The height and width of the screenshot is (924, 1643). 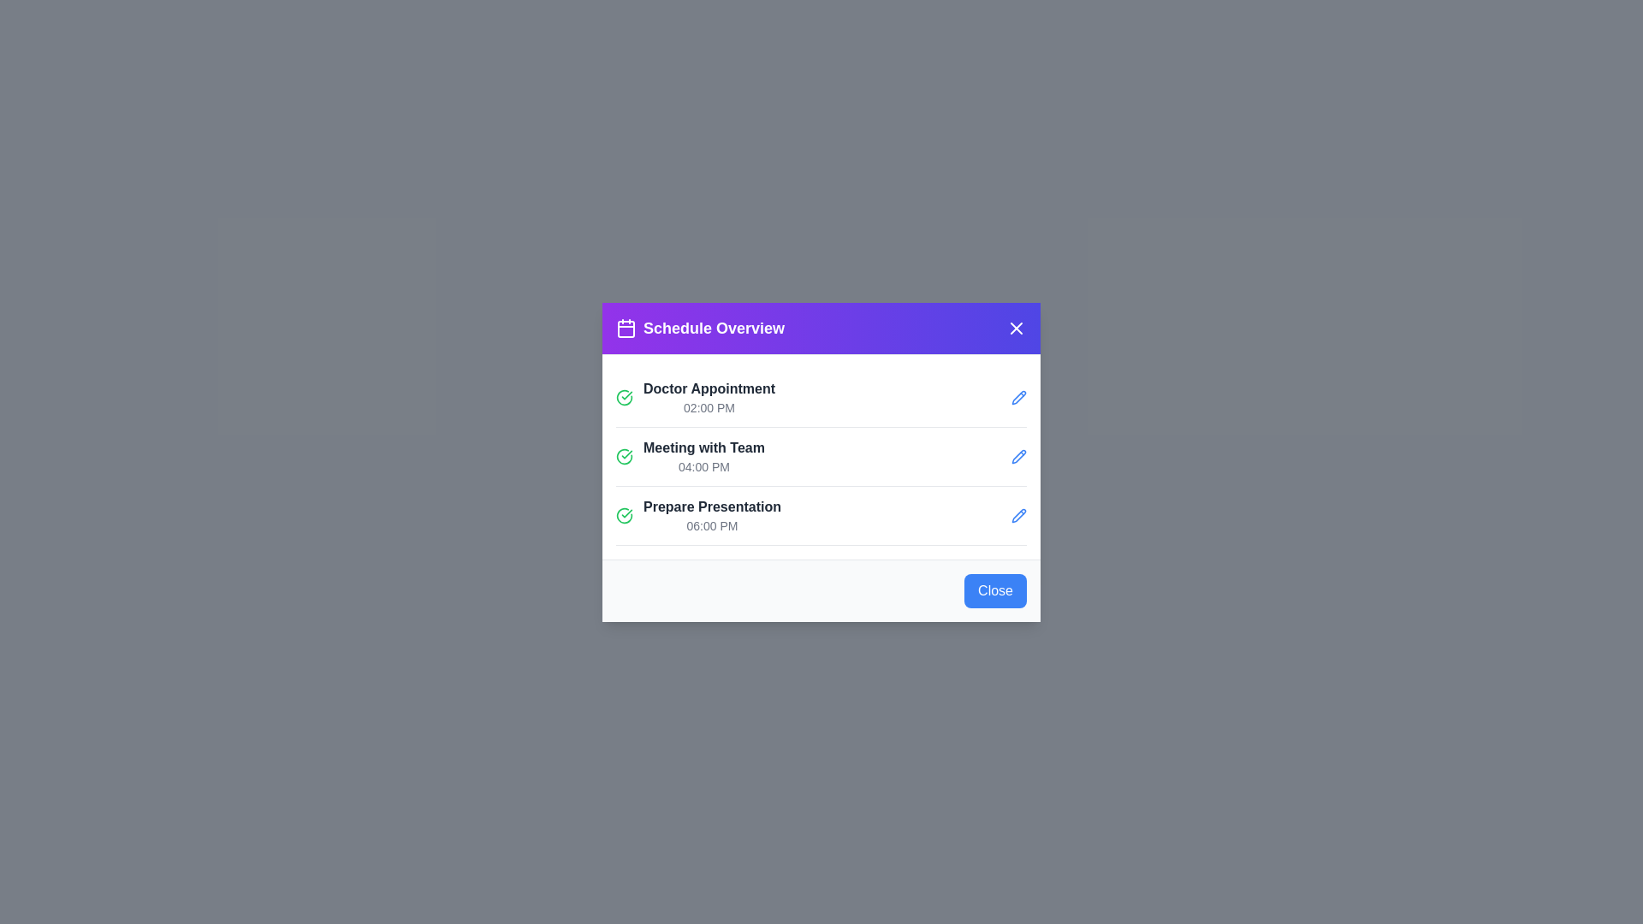 I want to click on the informational Text label indicating the scheduled time for the event listed under 'Meeting with Team' in the 'Schedule Overview' modal, so click(x=703, y=466).